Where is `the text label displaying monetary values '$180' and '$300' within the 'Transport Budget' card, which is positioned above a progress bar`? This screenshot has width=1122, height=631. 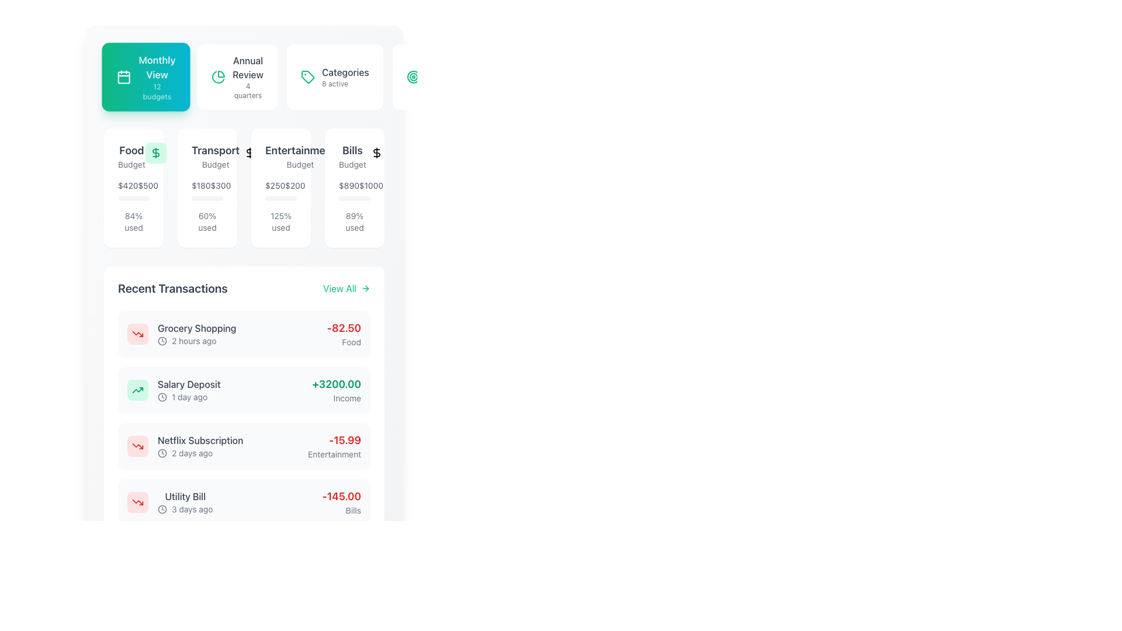
the text label displaying monetary values '$180' and '$300' within the 'Transport Budget' card, which is positioned above a progress bar is located at coordinates (207, 185).